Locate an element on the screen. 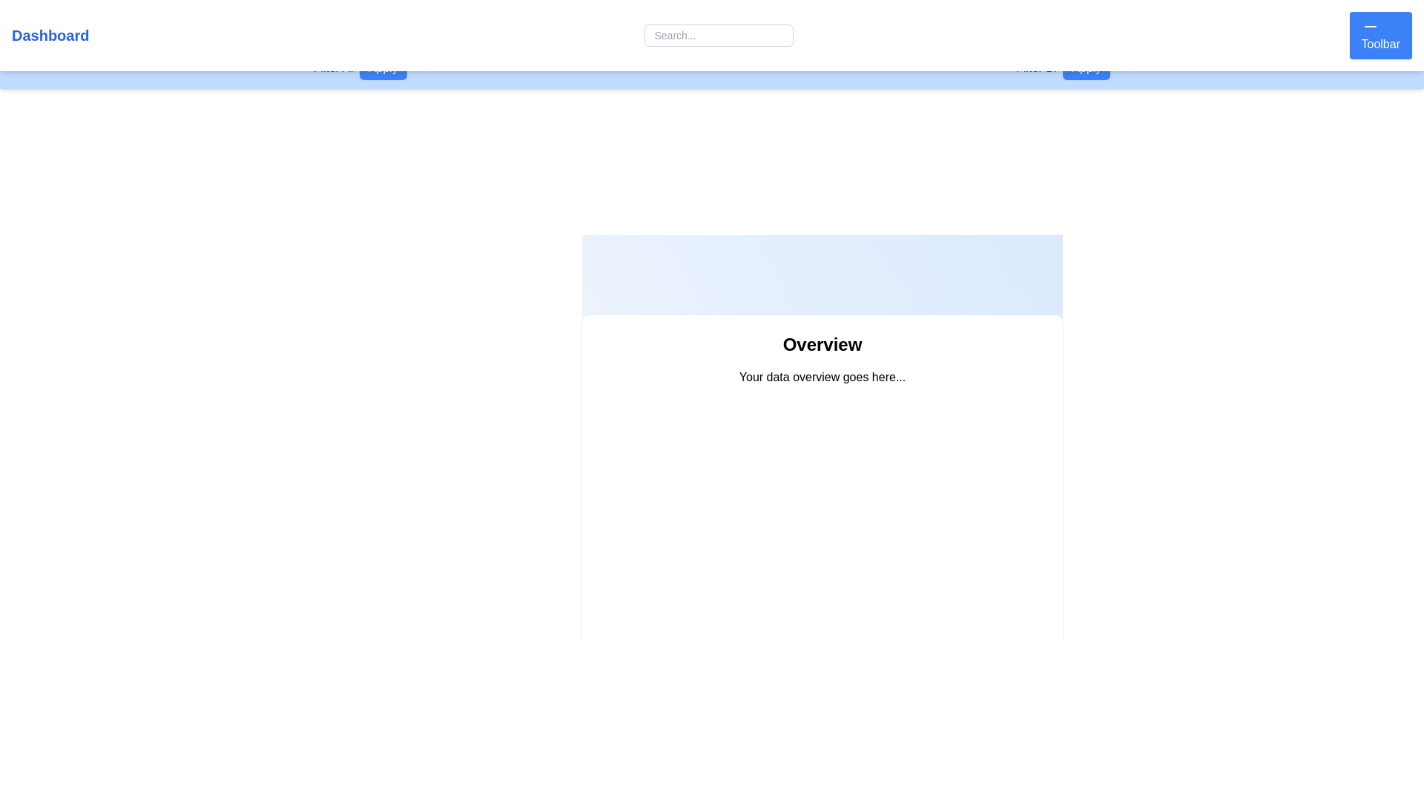 The width and height of the screenshot is (1424, 801). the button with a blue background and white text that reads 'Apply', located to the right of the label 'Filter A:' is located at coordinates (383, 68).